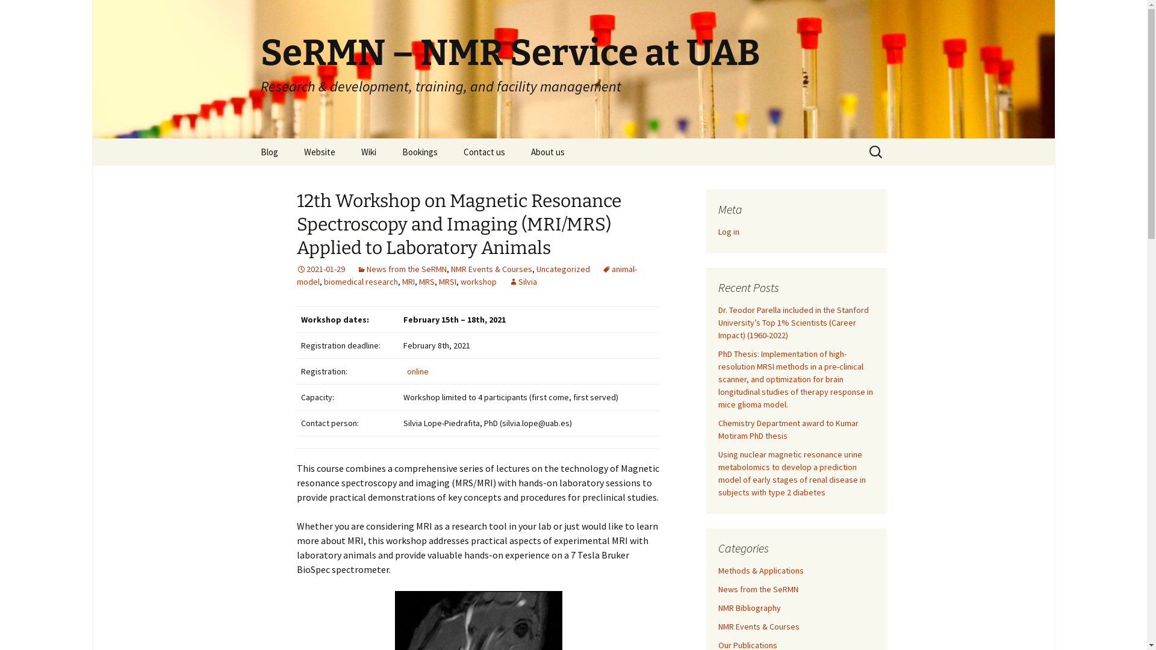 This screenshot has width=1156, height=650. I want to click on 'Contact form', so click(511, 179).